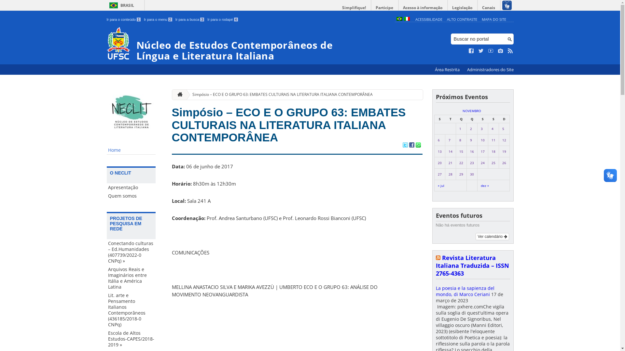  Describe the element at coordinates (461, 151) in the screenshot. I see `'15'` at that location.